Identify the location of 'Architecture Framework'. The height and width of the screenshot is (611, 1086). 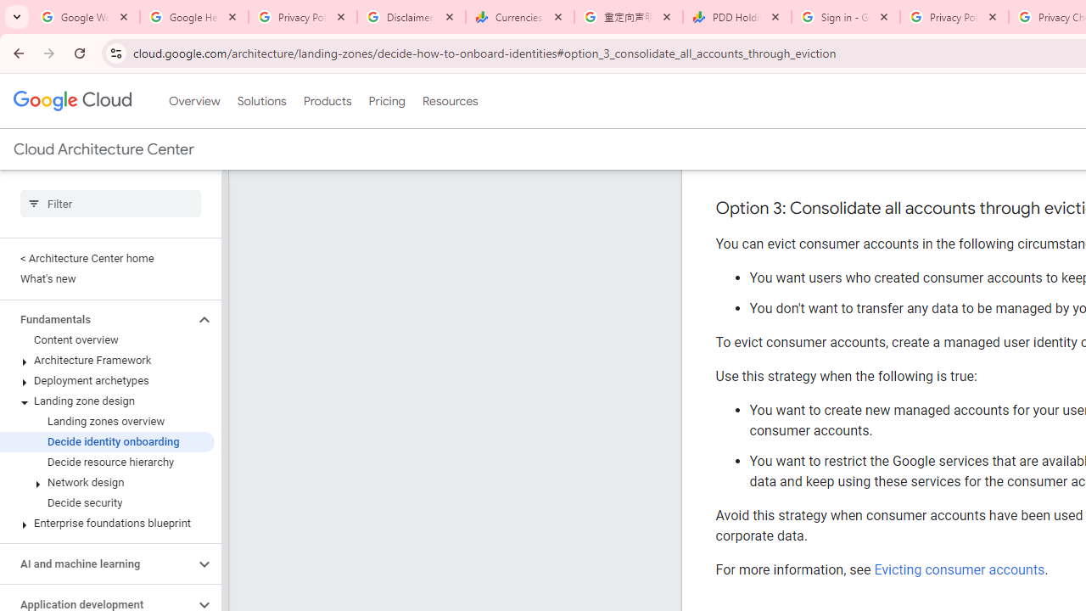
(106, 360).